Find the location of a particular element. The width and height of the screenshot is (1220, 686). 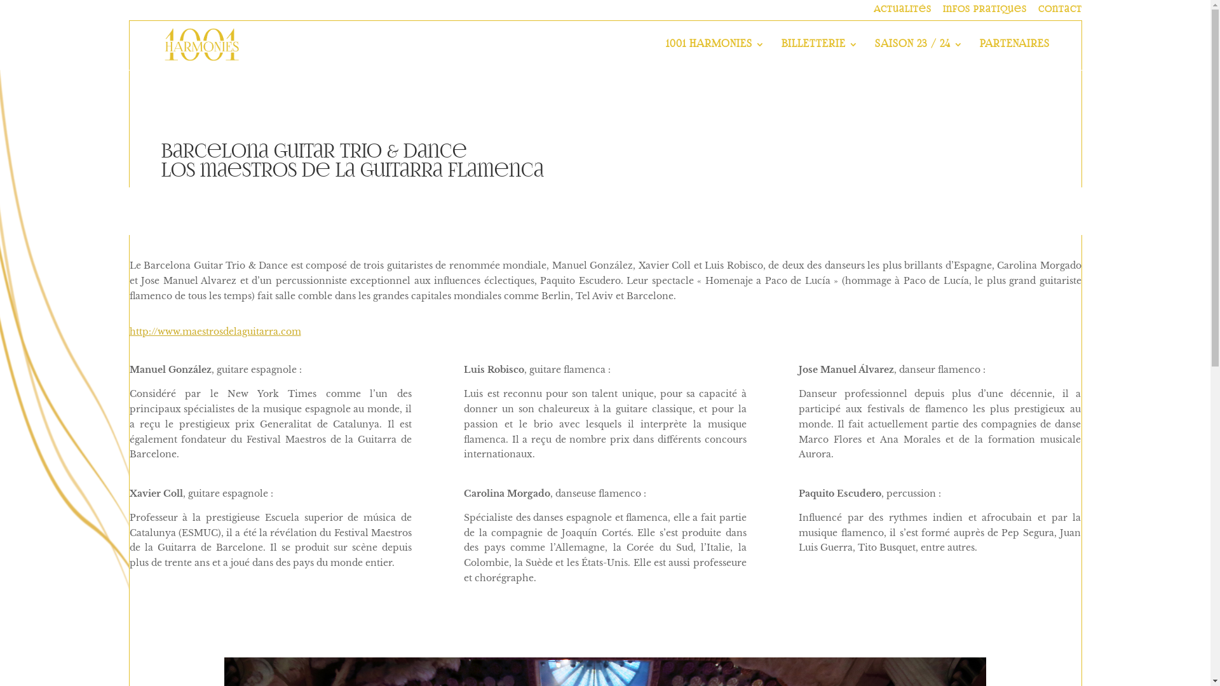

'SAISON 23 / 24' is located at coordinates (918, 54).